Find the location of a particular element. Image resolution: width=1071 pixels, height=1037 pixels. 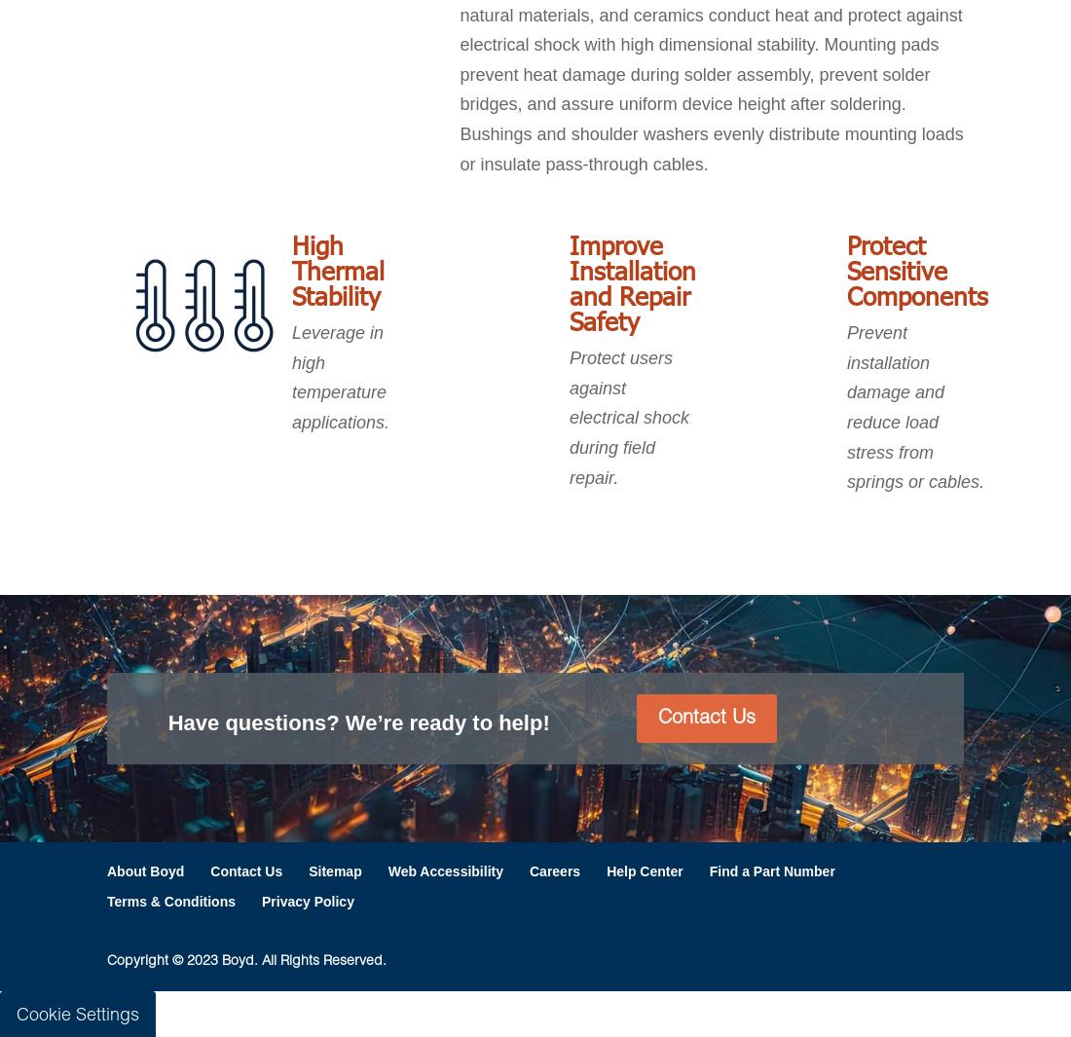

'Web Accessibility' is located at coordinates (387, 870).